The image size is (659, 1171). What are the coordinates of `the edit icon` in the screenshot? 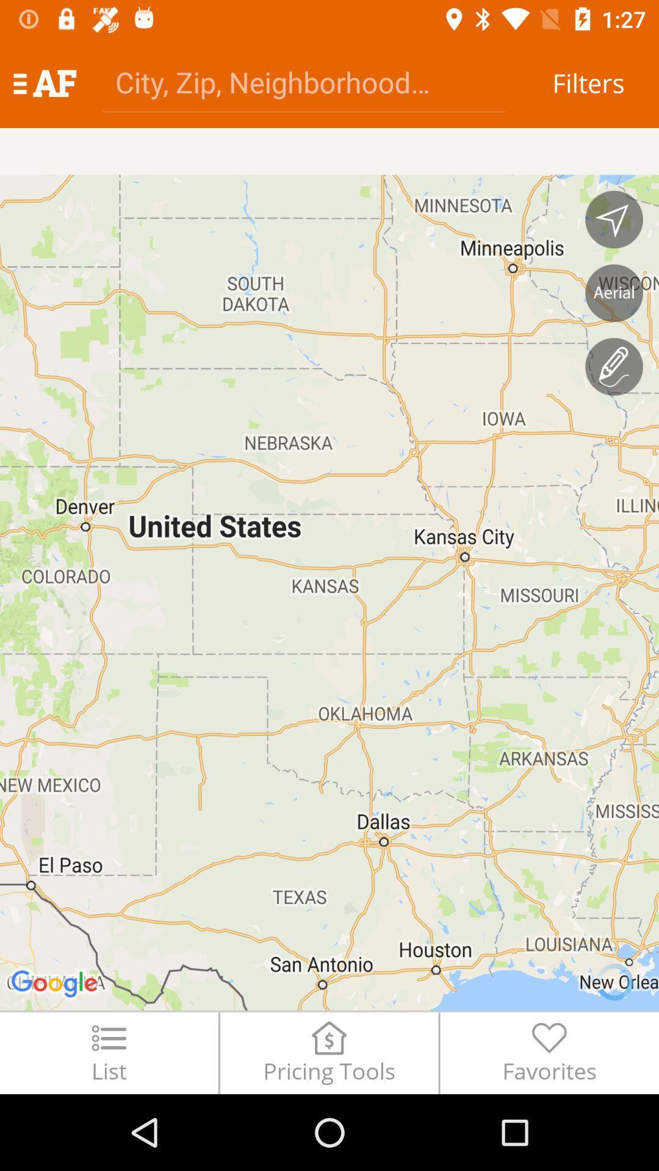 It's located at (614, 366).